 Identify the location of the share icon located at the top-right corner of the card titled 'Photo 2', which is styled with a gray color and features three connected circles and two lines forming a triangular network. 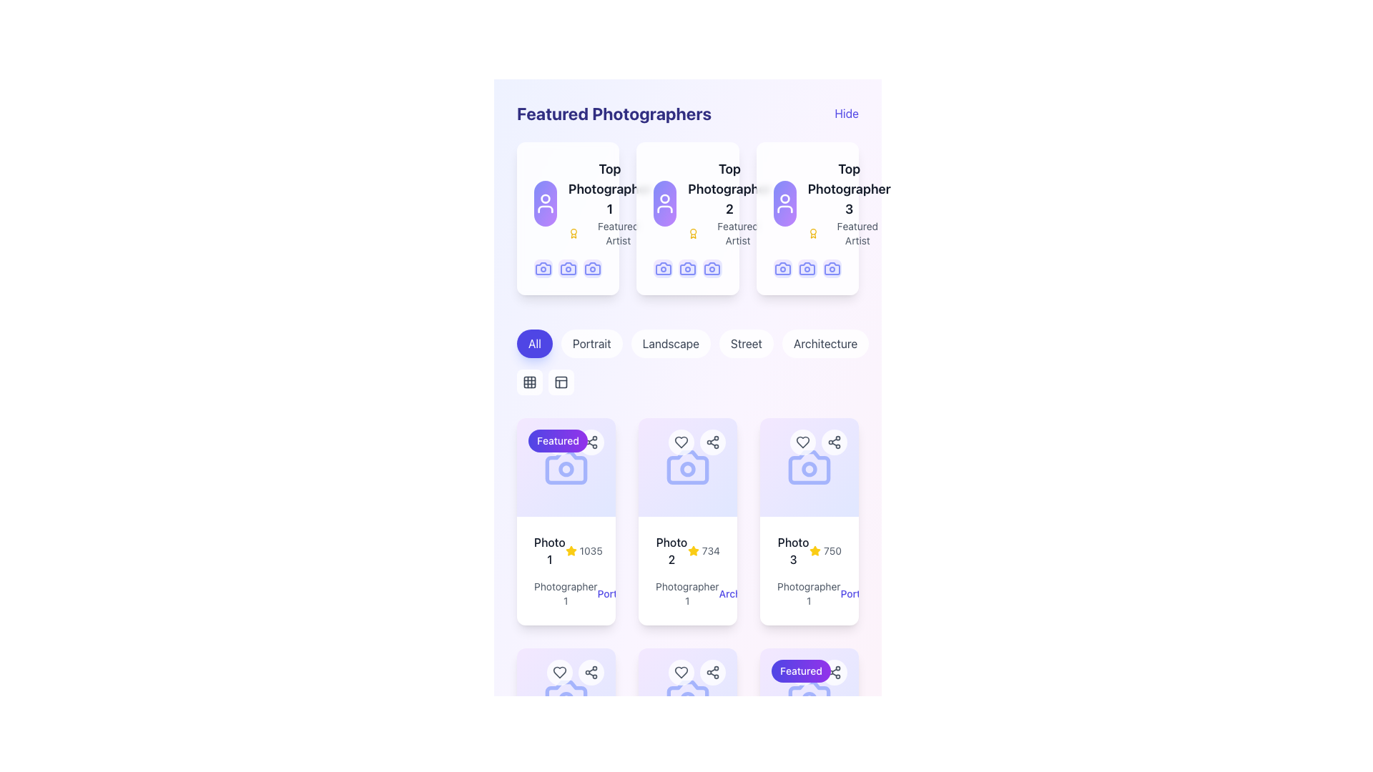
(713, 441).